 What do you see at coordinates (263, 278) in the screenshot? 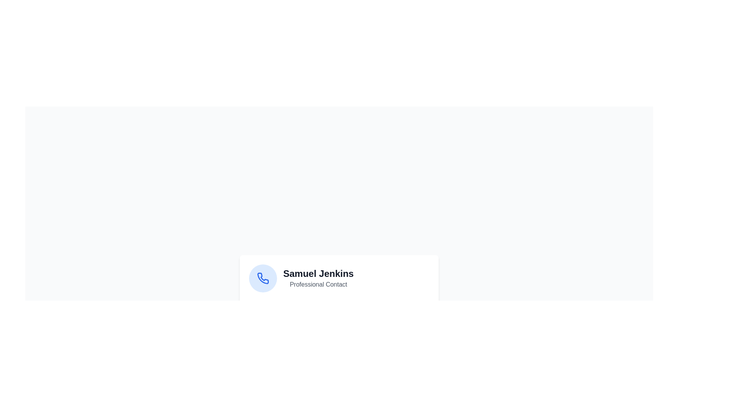
I see `the circular icon with a light blue background and blue phone symbol, indicating a call-related function, located to the left of 'Samuel Jenkins' and 'Professional Contact'` at bounding box center [263, 278].